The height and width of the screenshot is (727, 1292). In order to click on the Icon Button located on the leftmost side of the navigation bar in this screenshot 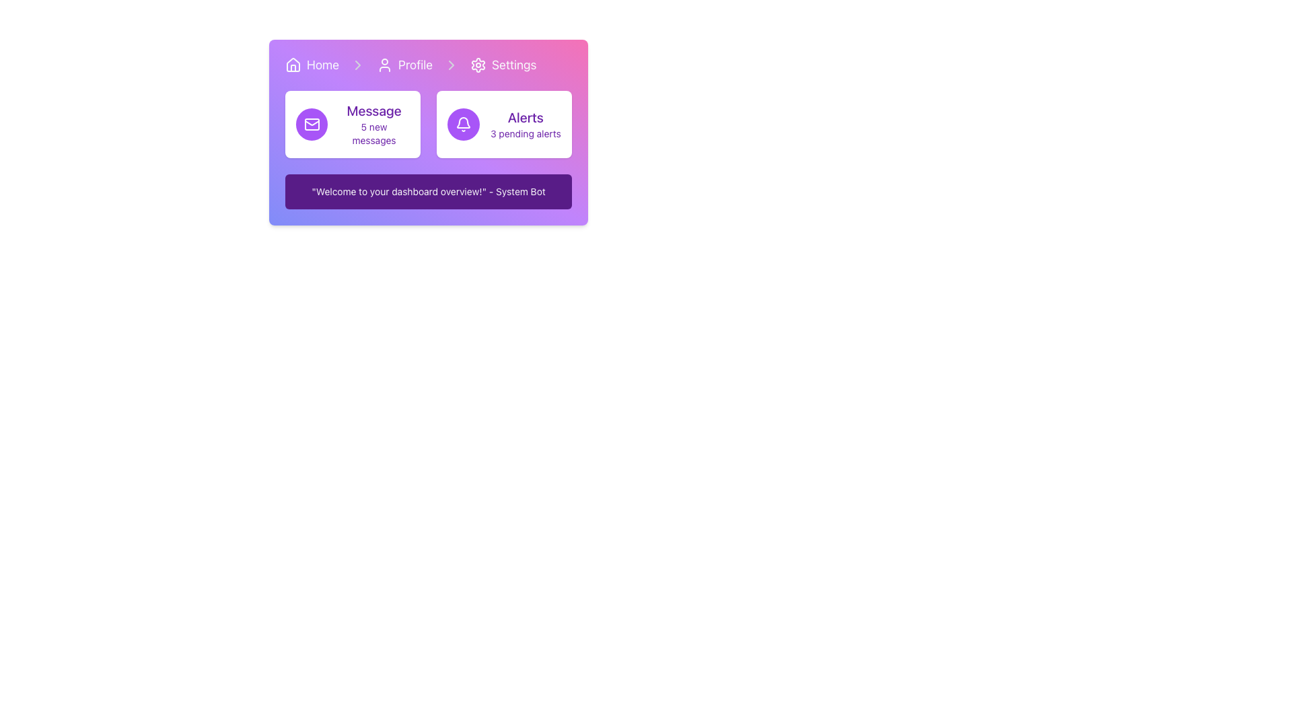, I will do `click(293, 65)`.